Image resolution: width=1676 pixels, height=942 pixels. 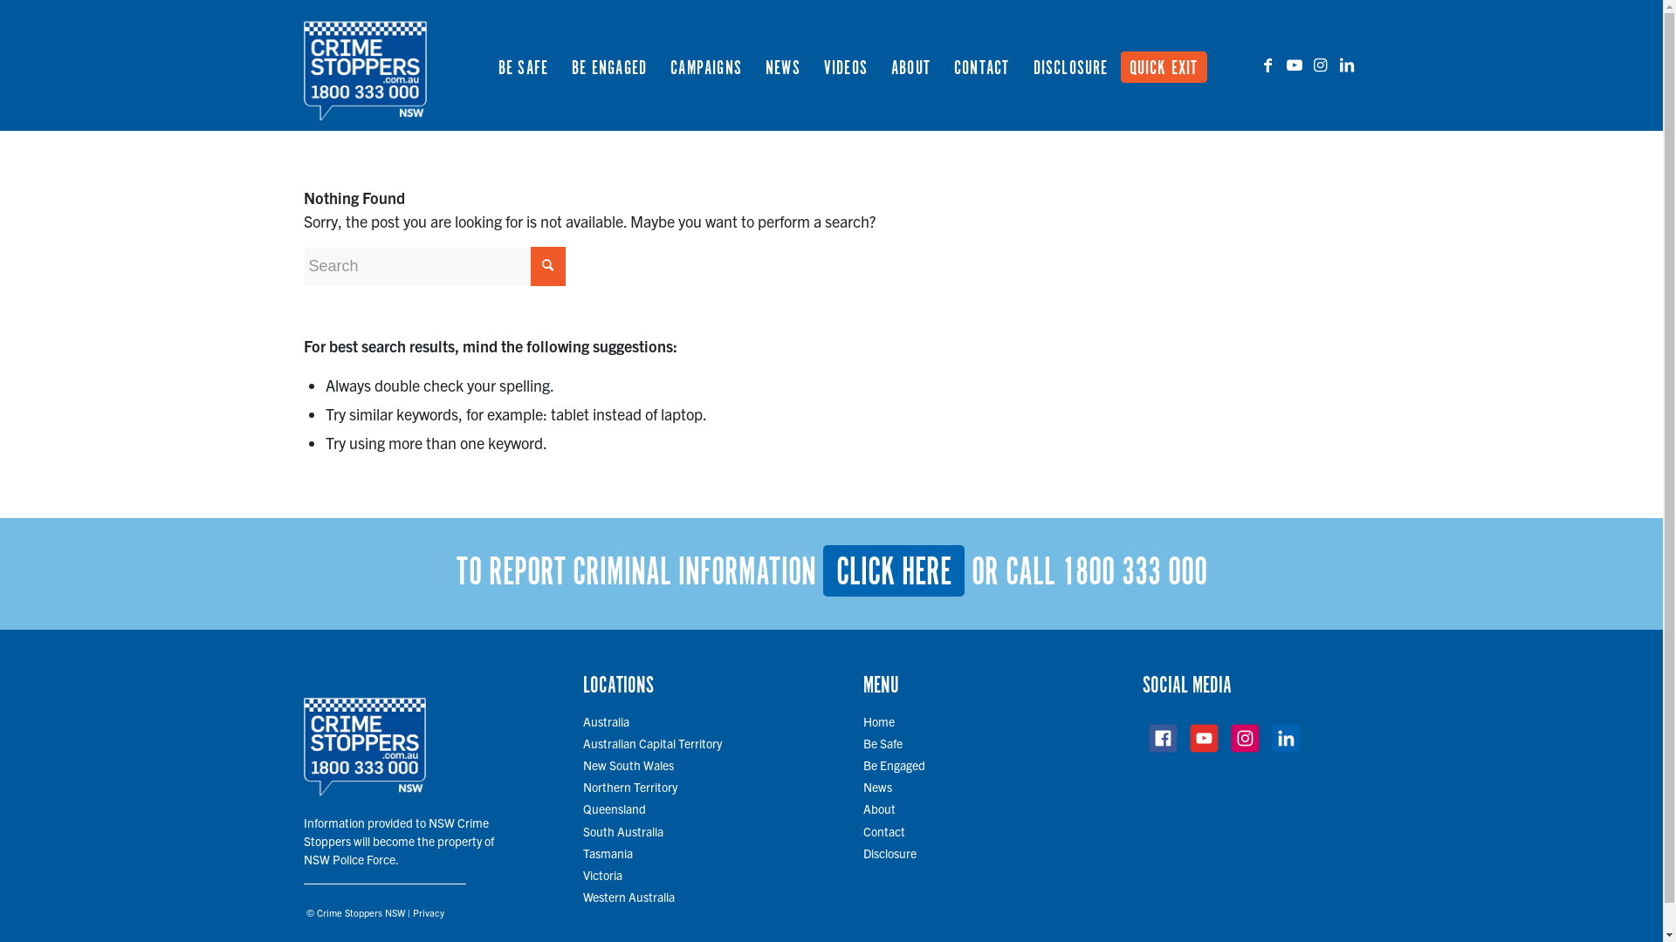 I want to click on 'Disclosure', so click(x=890, y=852).